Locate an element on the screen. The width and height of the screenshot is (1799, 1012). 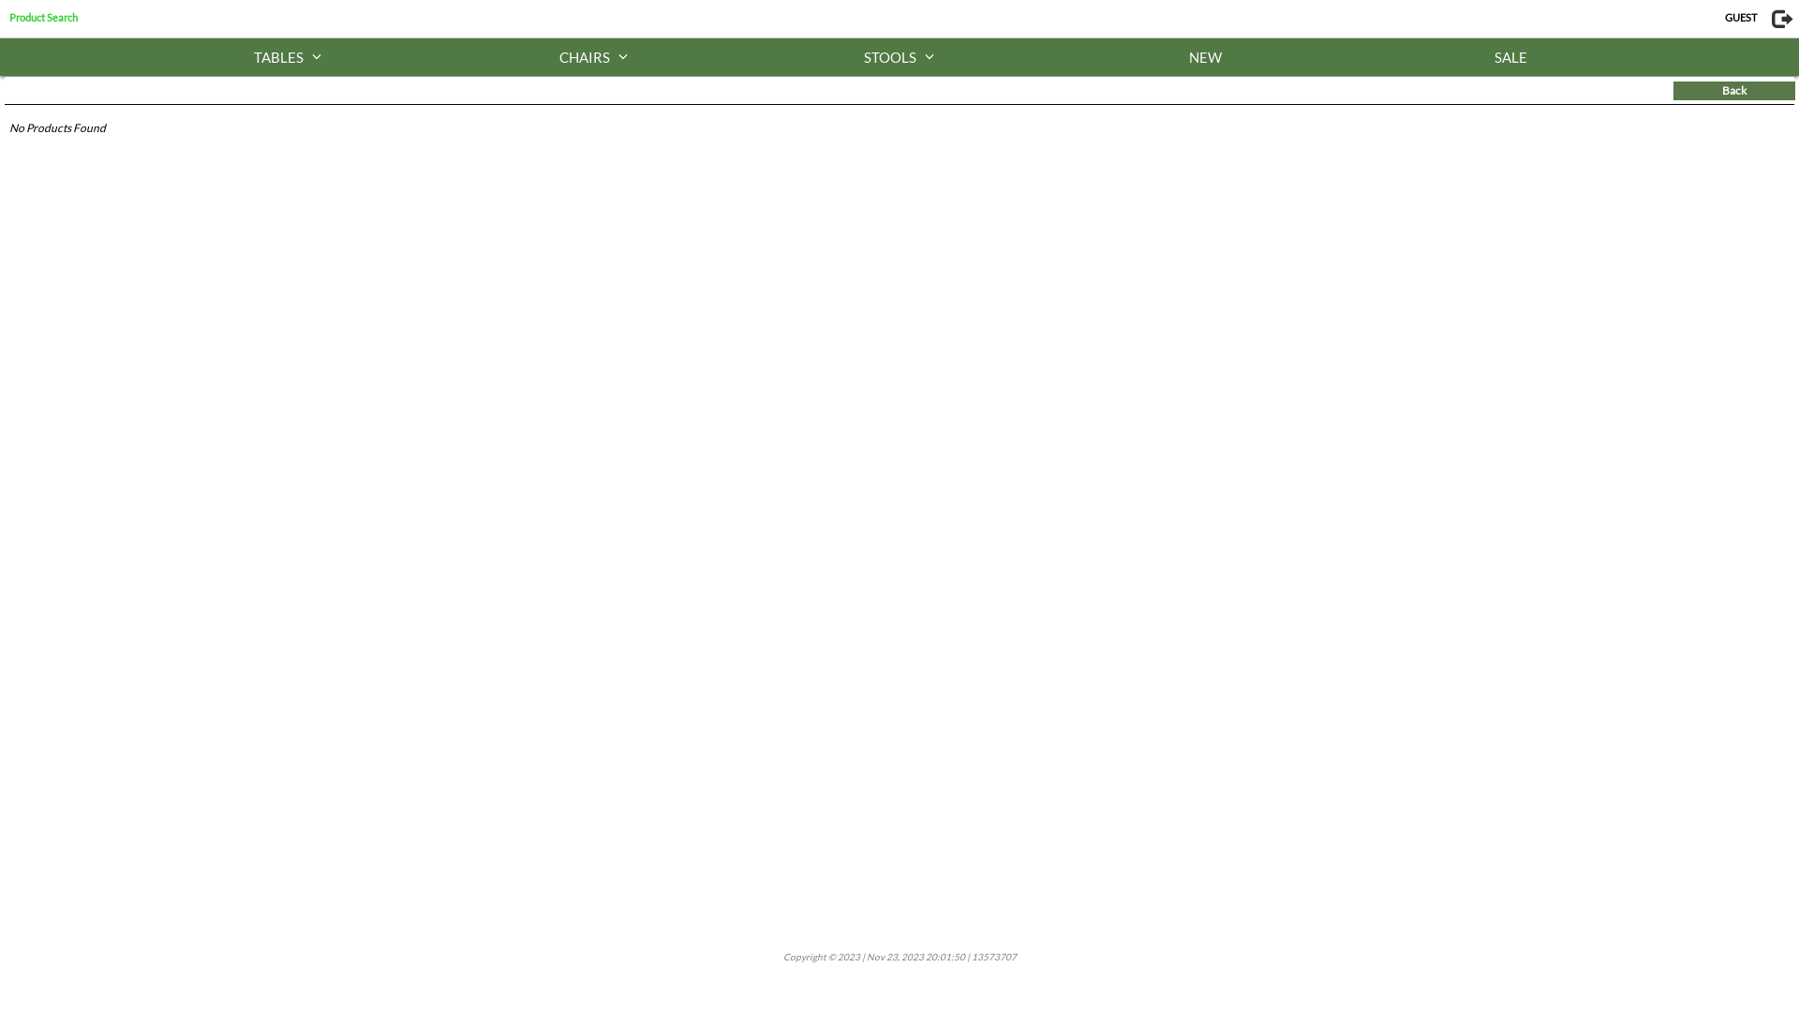
'SALE' is located at coordinates (1510, 56).